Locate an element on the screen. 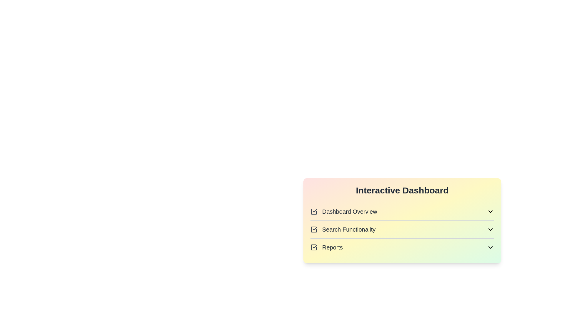  the icon associated with Search Functionality to toggle its visibility is located at coordinates (490, 229).